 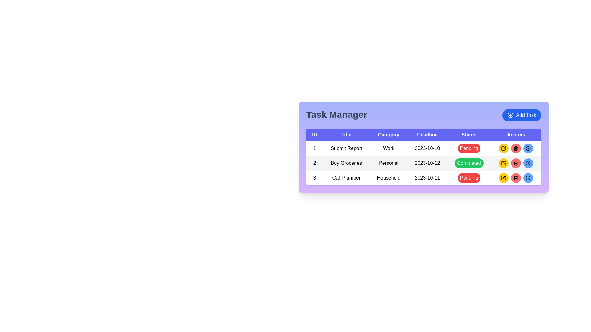 What do you see at coordinates (516, 135) in the screenshot?
I see `the header cell that labels the column containing action buttons, which is the sixth column header in the table, positioned at the far-right side of the header row` at bounding box center [516, 135].